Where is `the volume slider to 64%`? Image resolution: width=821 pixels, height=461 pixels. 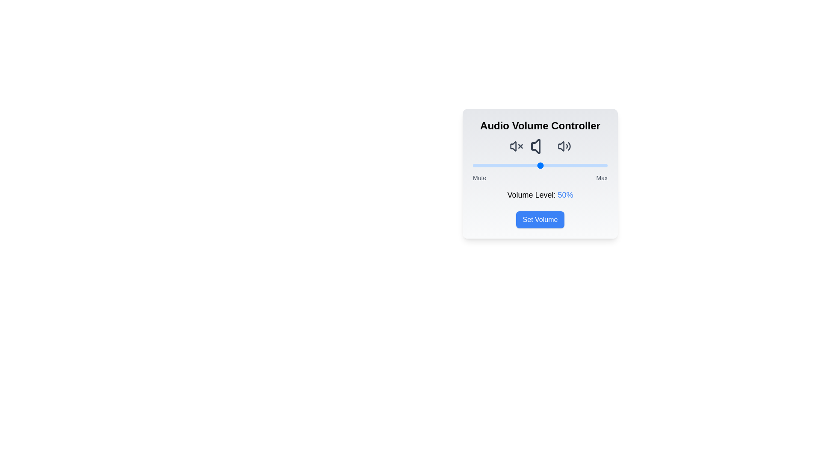
the volume slider to 64% is located at coordinates (559, 166).